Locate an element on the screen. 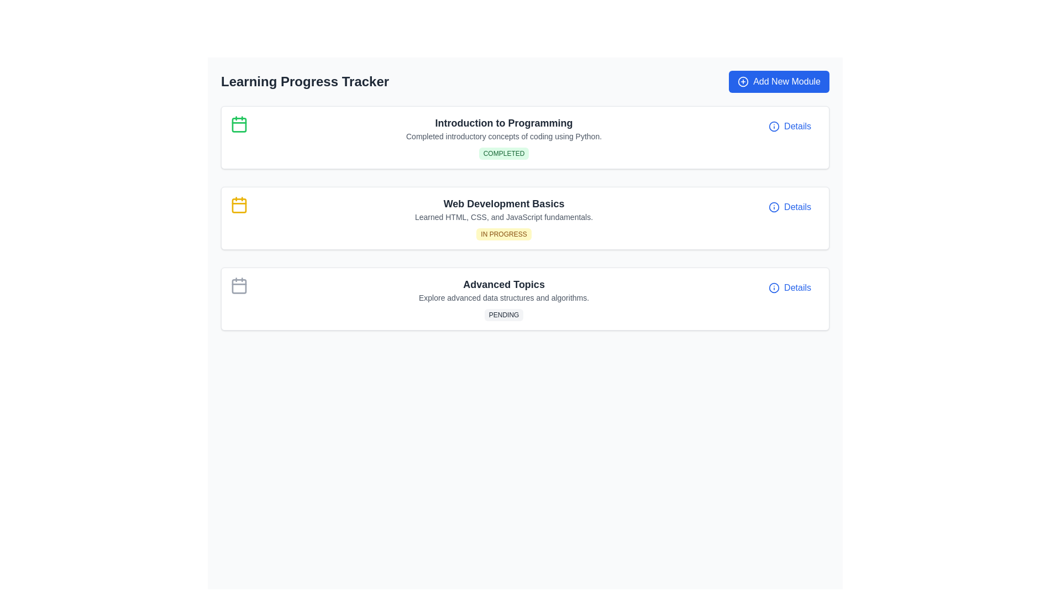 The image size is (1061, 597). the blue circular SVG Circle within the information icon of the 'Details' button in the third card for 'Advanced Topics' is located at coordinates (774, 287).